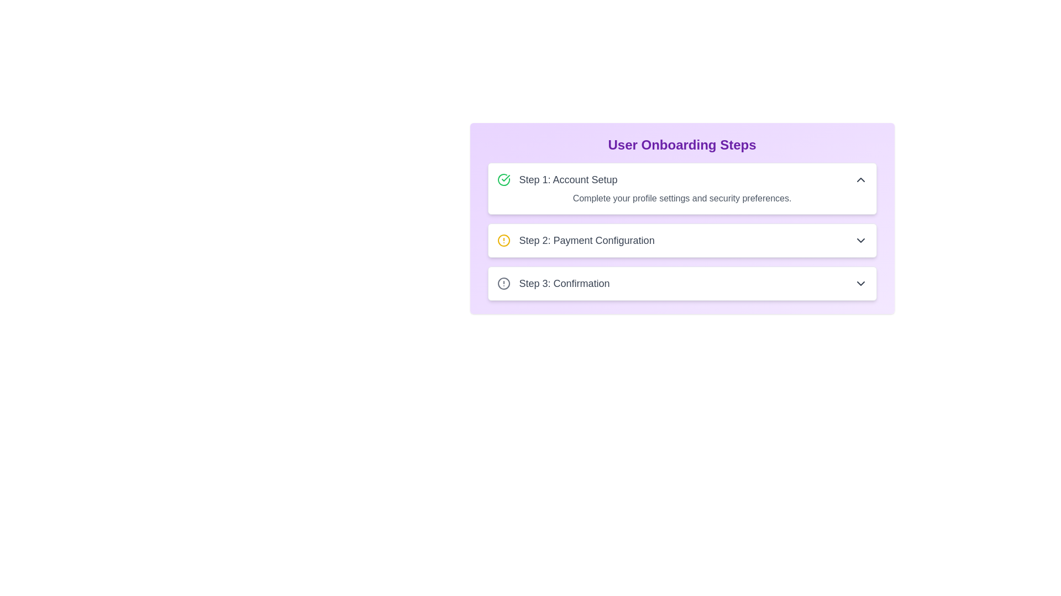 This screenshot has width=1061, height=596. What do you see at coordinates (681, 283) in the screenshot?
I see `the collapsible card element located at the bottom of the three-step process` at bounding box center [681, 283].